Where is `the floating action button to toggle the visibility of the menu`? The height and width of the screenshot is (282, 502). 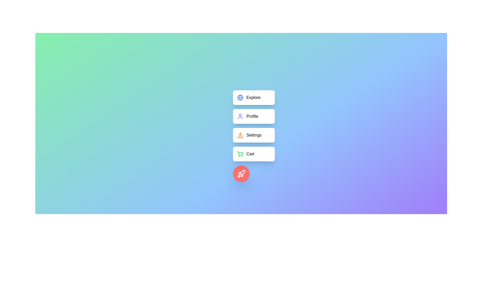
the floating action button to toggle the visibility of the menu is located at coordinates (241, 174).